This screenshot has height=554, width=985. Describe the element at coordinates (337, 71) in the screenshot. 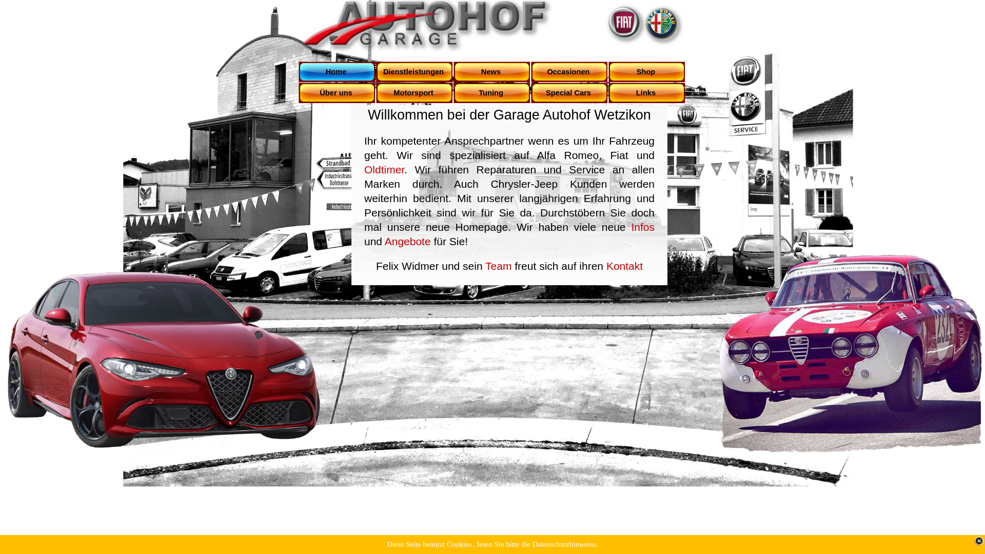

I see `'Home'` at that location.